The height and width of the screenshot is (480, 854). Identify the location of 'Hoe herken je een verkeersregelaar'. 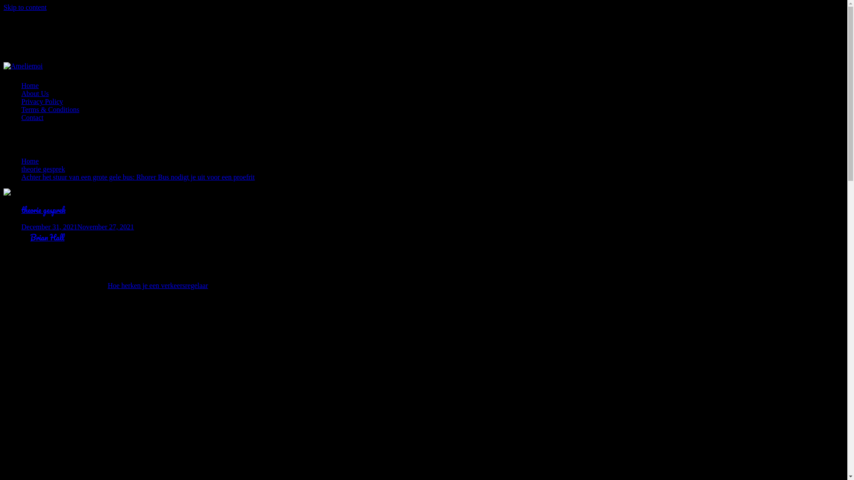
(158, 285).